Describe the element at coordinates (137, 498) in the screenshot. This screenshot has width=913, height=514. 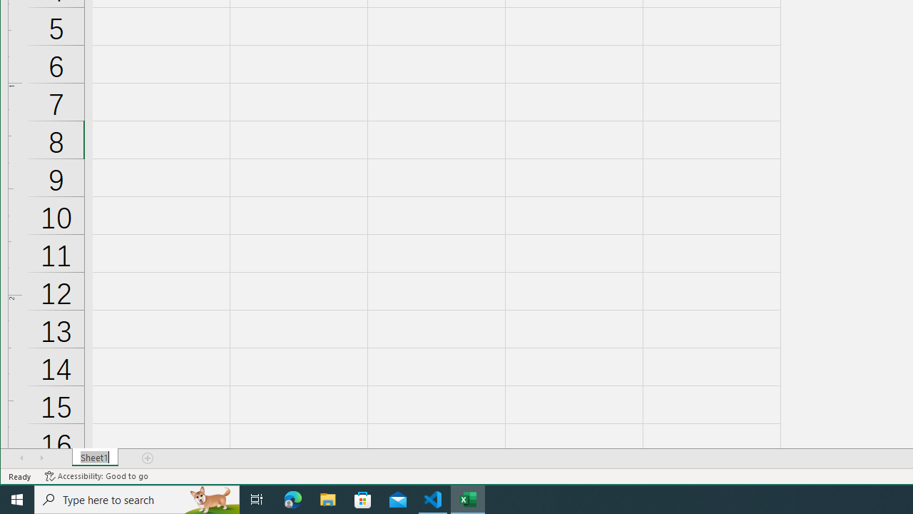
I see `'Type here to search'` at that location.